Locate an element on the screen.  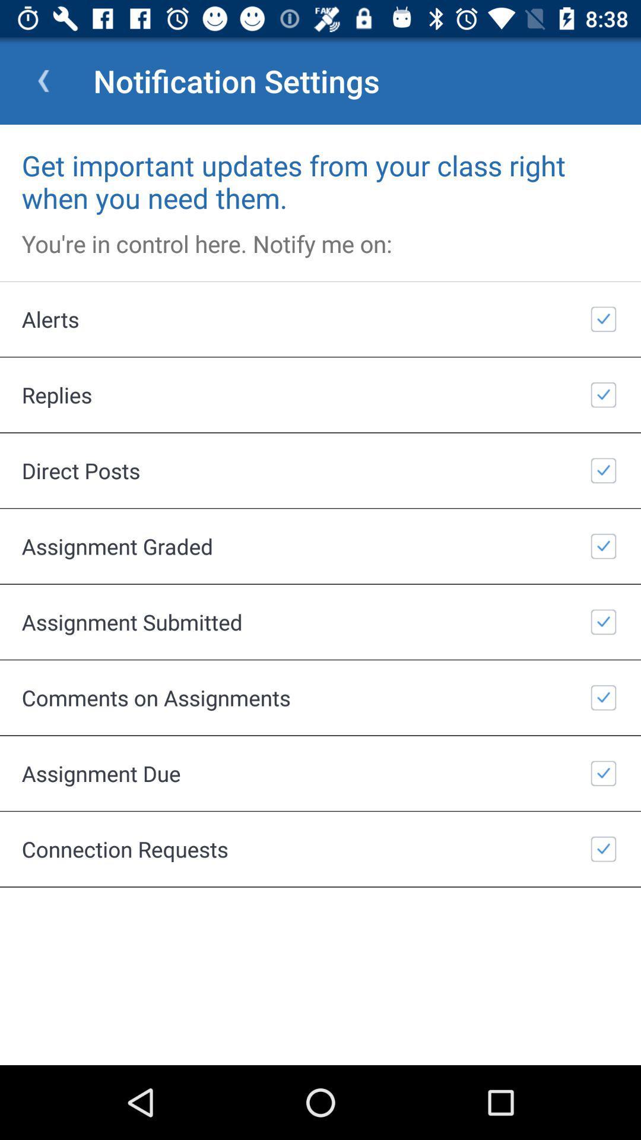
item next to notification settings is located at coordinates (43, 80).